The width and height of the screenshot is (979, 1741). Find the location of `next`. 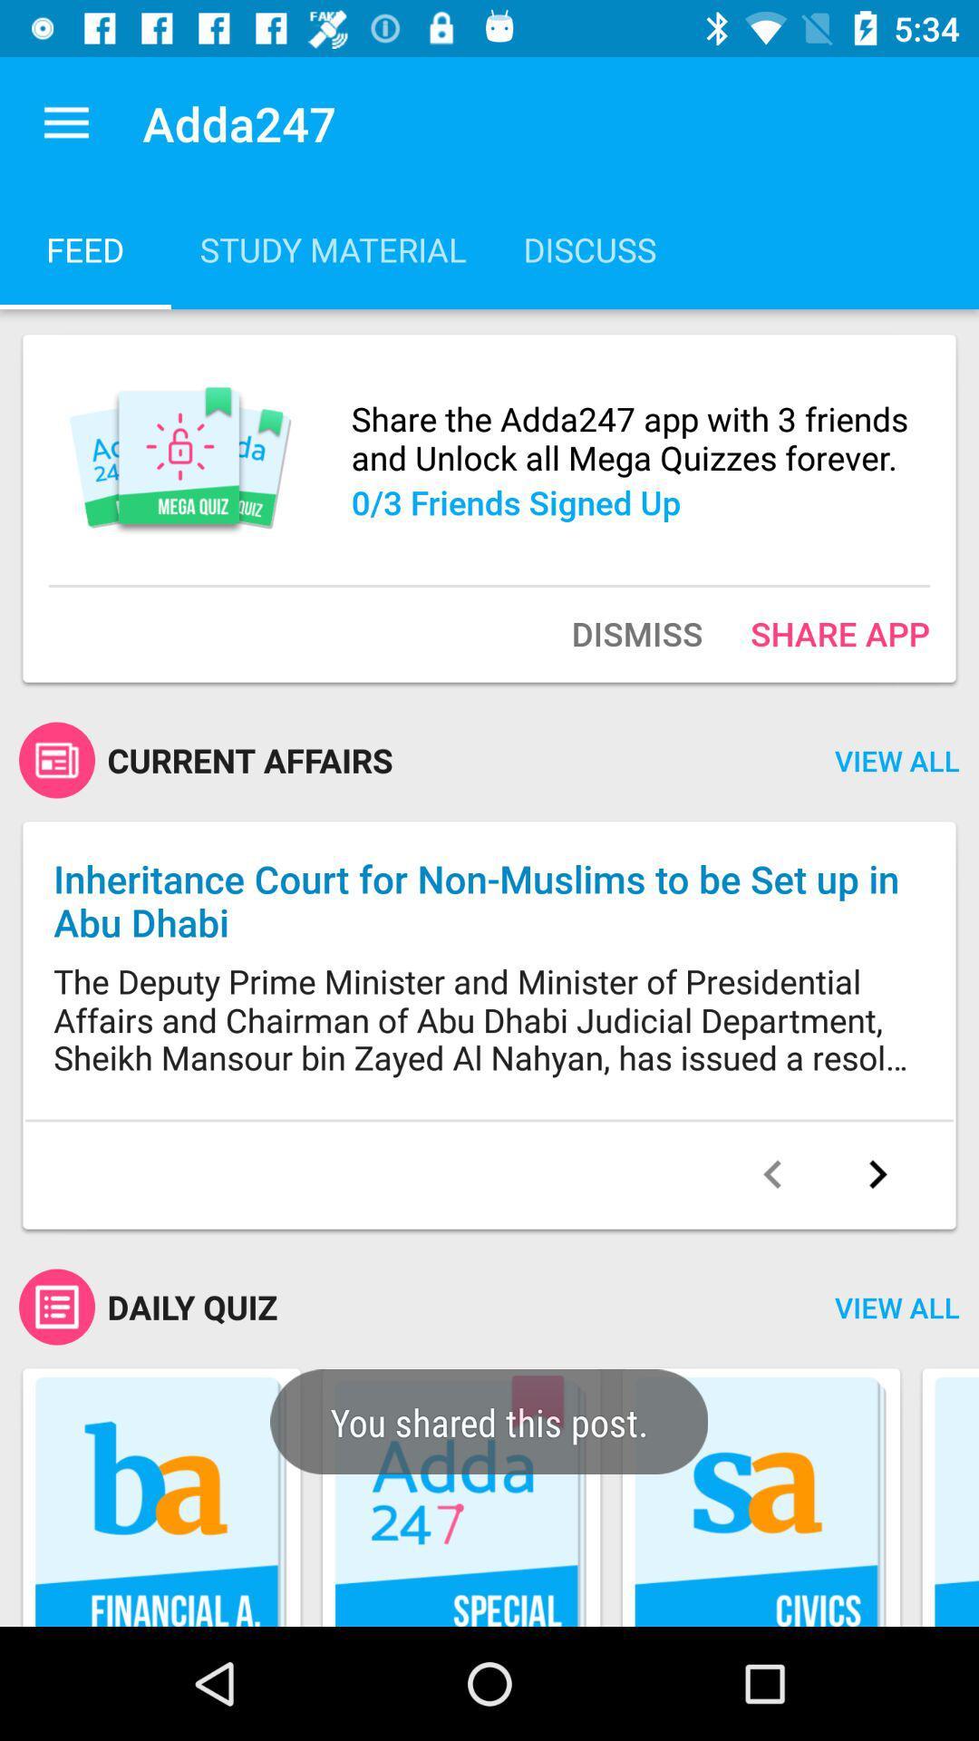

next is located at coordinates (877, 1174).